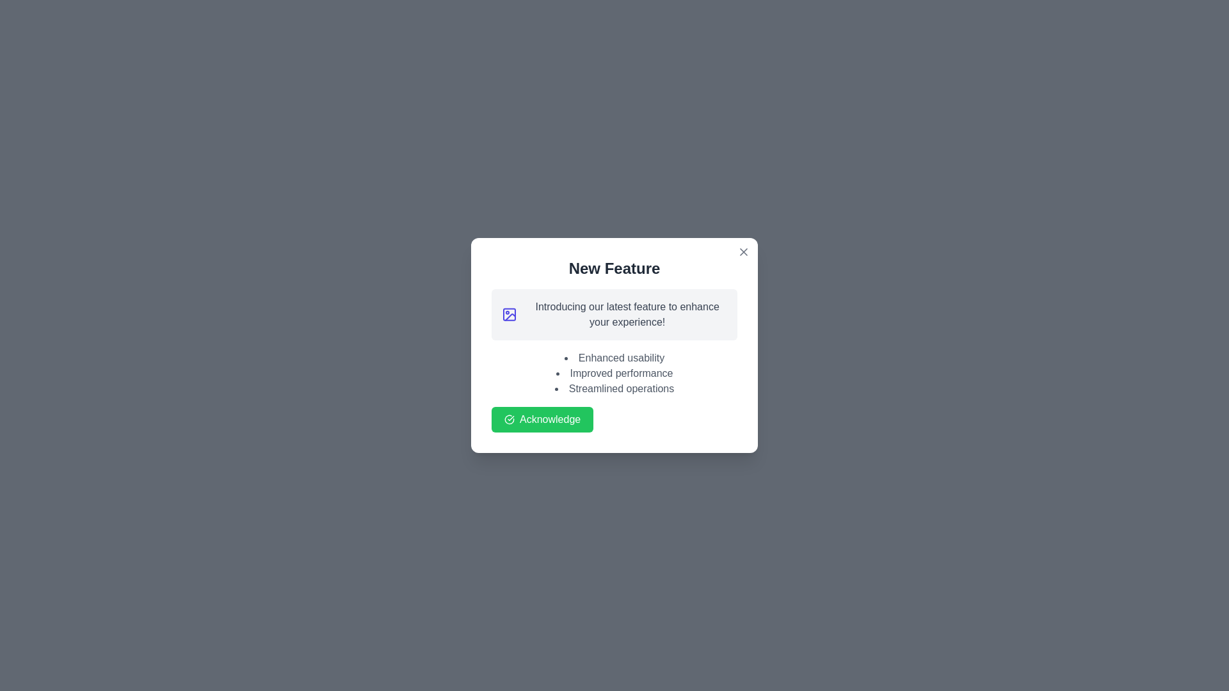 The height and width of the screenshot is (691, 1229). What do you see at coordinates (614, 315) in the screenshot?
I see `the text block with an accompanying icon that introduces and highlights a new feature, which is located within a modal box, directly below the 'New Feature' title` at bounding box center [614, 315].